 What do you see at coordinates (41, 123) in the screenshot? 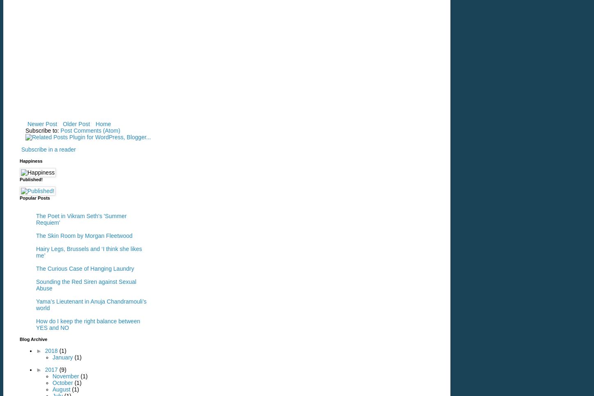
I see `'Newer Post'` at bounding box center [41, 123].